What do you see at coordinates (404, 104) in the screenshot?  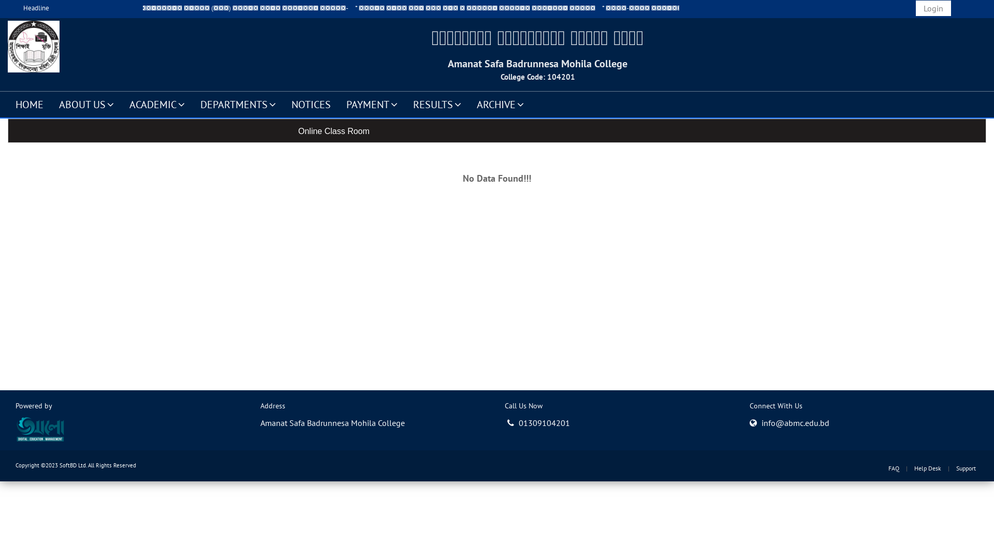 I see `'RESULTS'` at bounding box center [404, 104].